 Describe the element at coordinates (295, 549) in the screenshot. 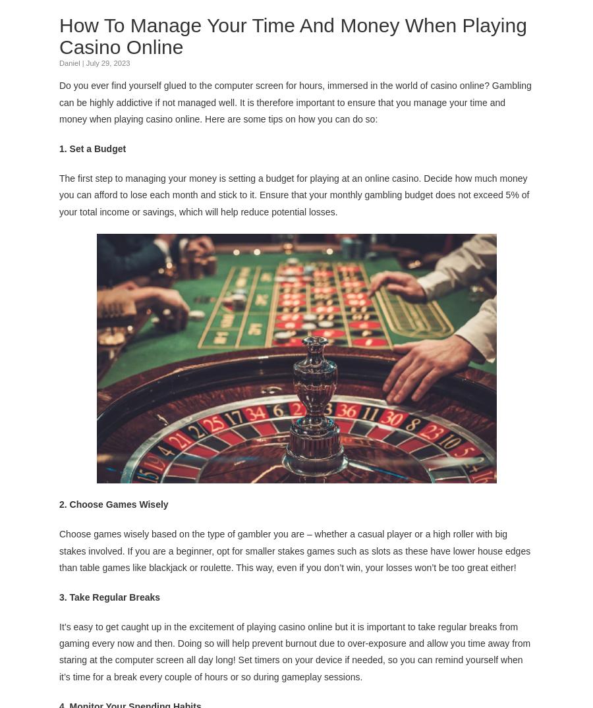

I see `'Choose games wisely based on the type of gambler you are – whether a casual player or a high roller with big stakes involved. If you are a beginner, opt for smaller stakes games such as slots as these have lower house edges than table games like blackjack or roulette. This way, even if you don’t win, your losses won’t be too great either!'` at that location.